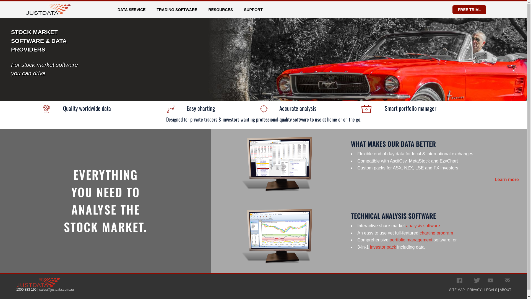 The height and width of the screenshot is (299, 531). I want to click on 'analysis software', so click(423, 226).